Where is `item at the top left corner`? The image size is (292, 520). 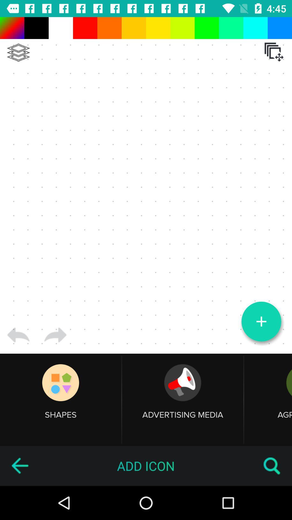 item at the top left corner is located at coordinates (18, 53).